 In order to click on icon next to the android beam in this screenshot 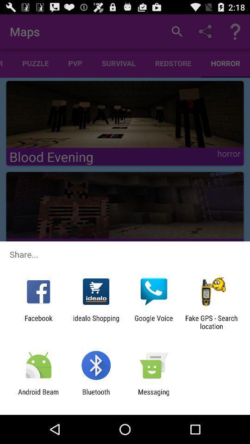, I will do `click(95, 395)`.